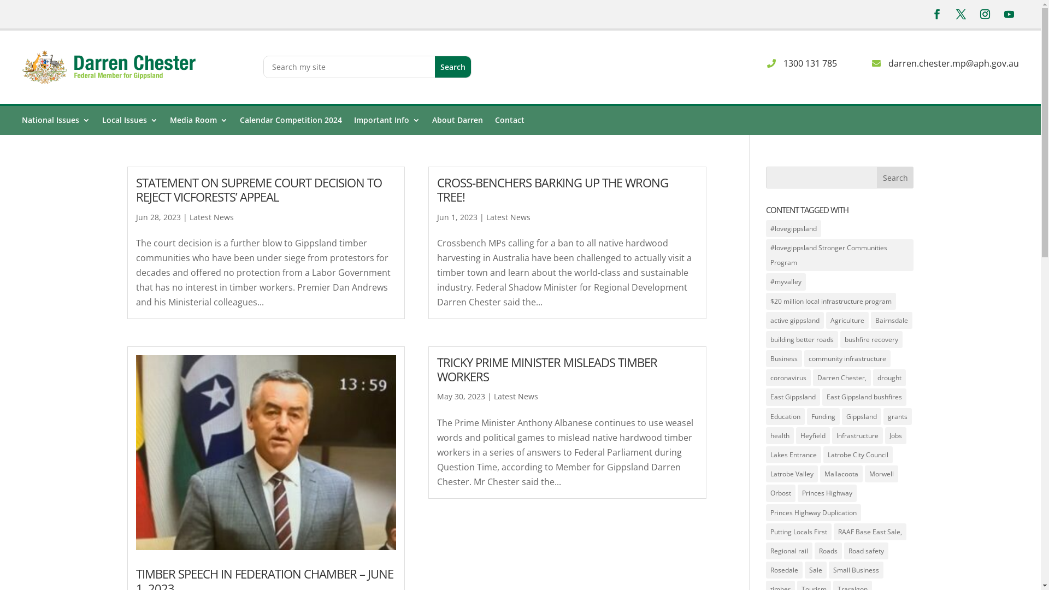  I want to click on 'Follow on Facebook', so click(936, 14).